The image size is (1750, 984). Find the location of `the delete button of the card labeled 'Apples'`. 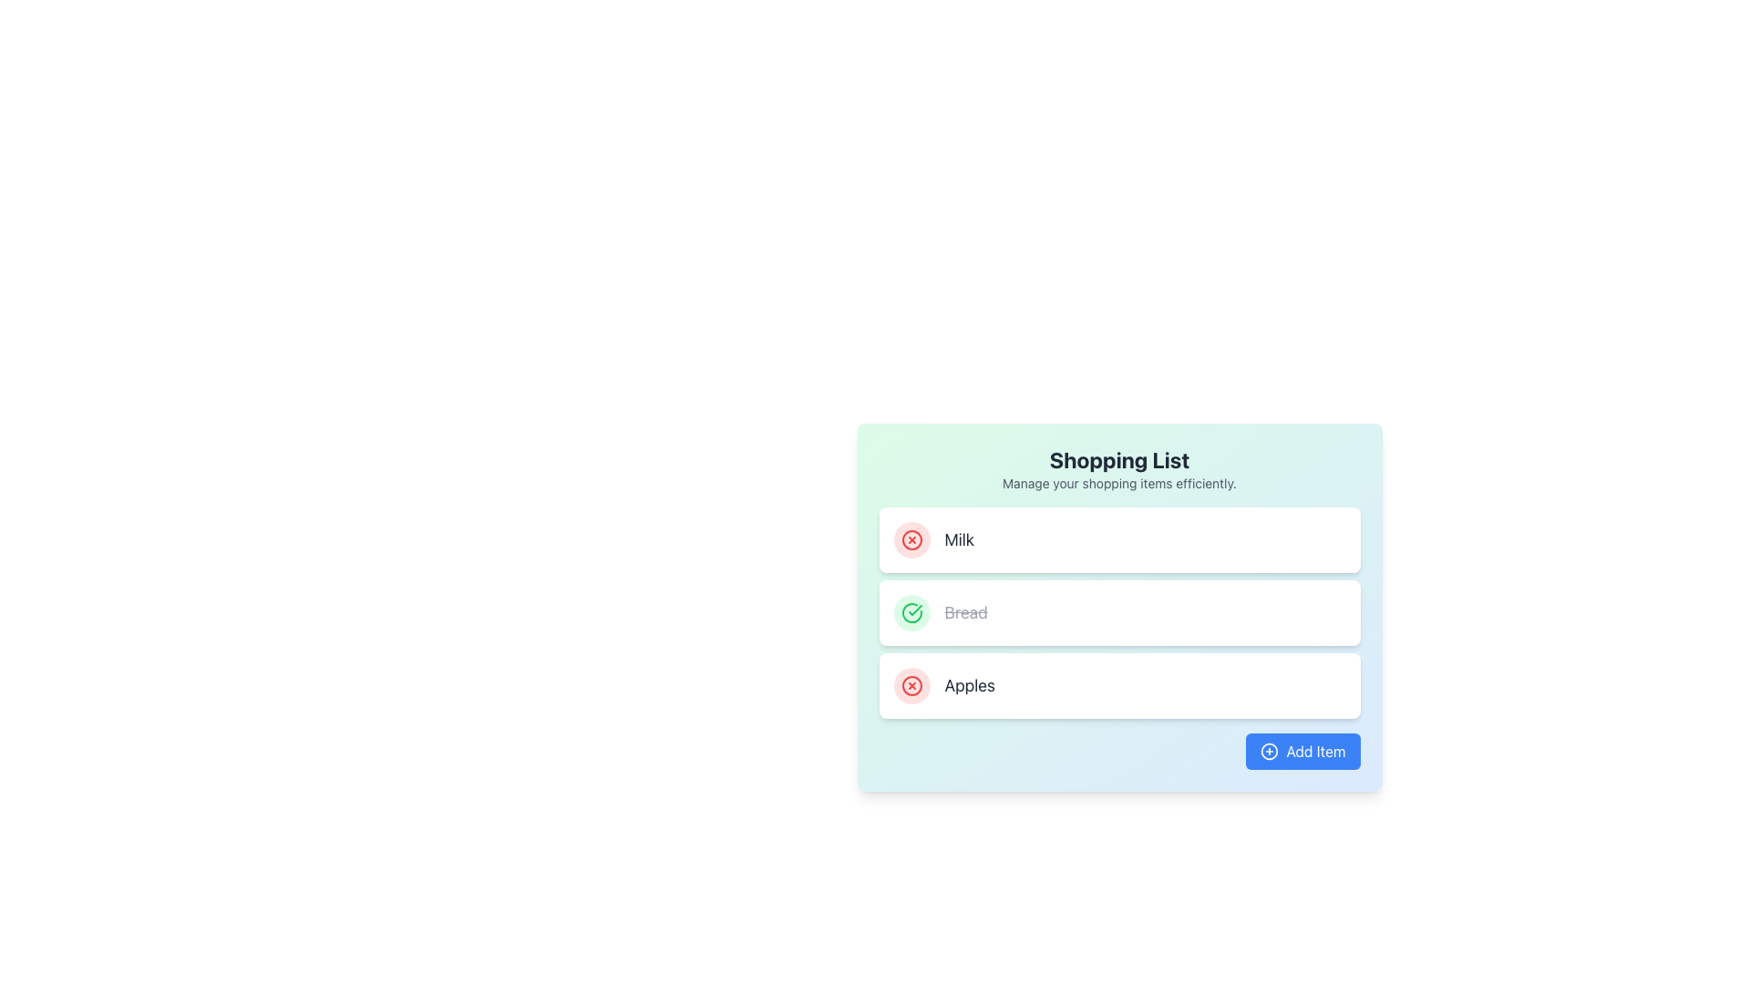

the delete button of the card labeled 'Apples' is located at coordinates (1118, 685).